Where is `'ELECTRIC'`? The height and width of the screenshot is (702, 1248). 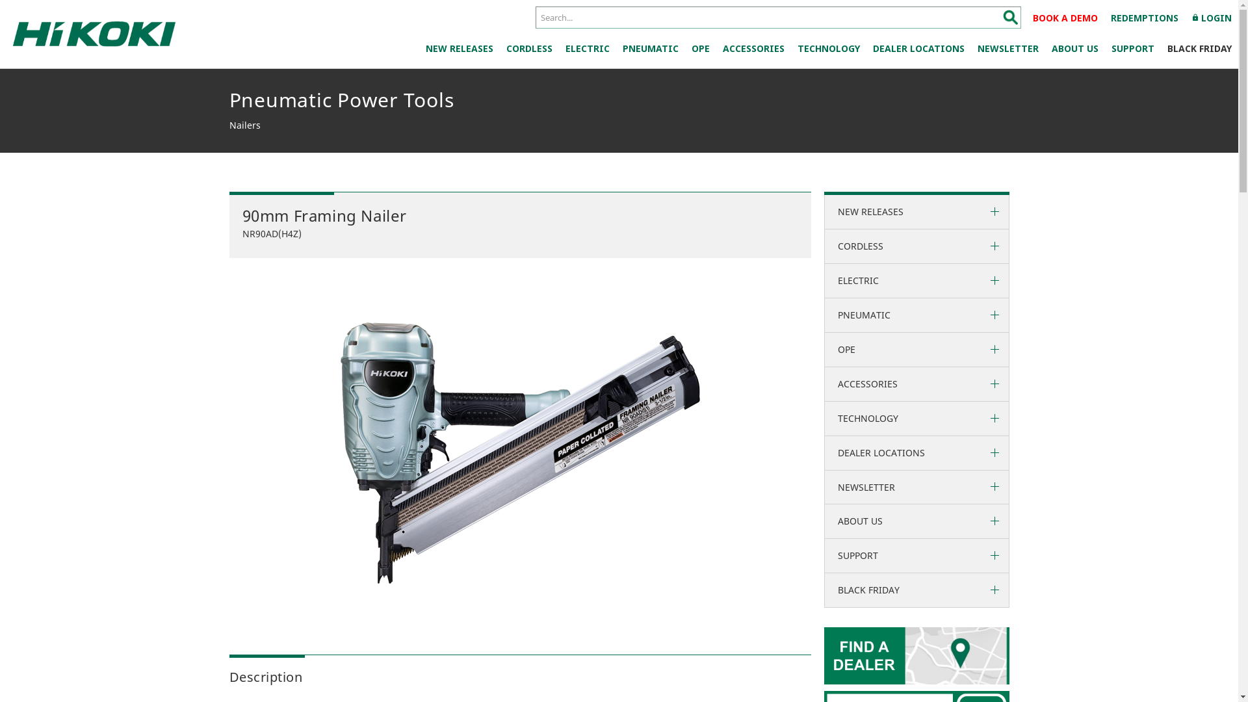
'ELECTRIC' is located at coordinates (915, 280).